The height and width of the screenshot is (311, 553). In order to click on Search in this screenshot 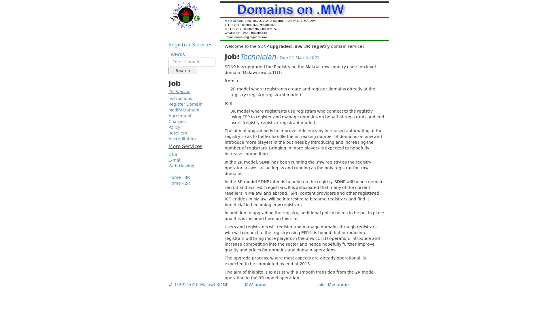, I will do `click(182, 70)`.